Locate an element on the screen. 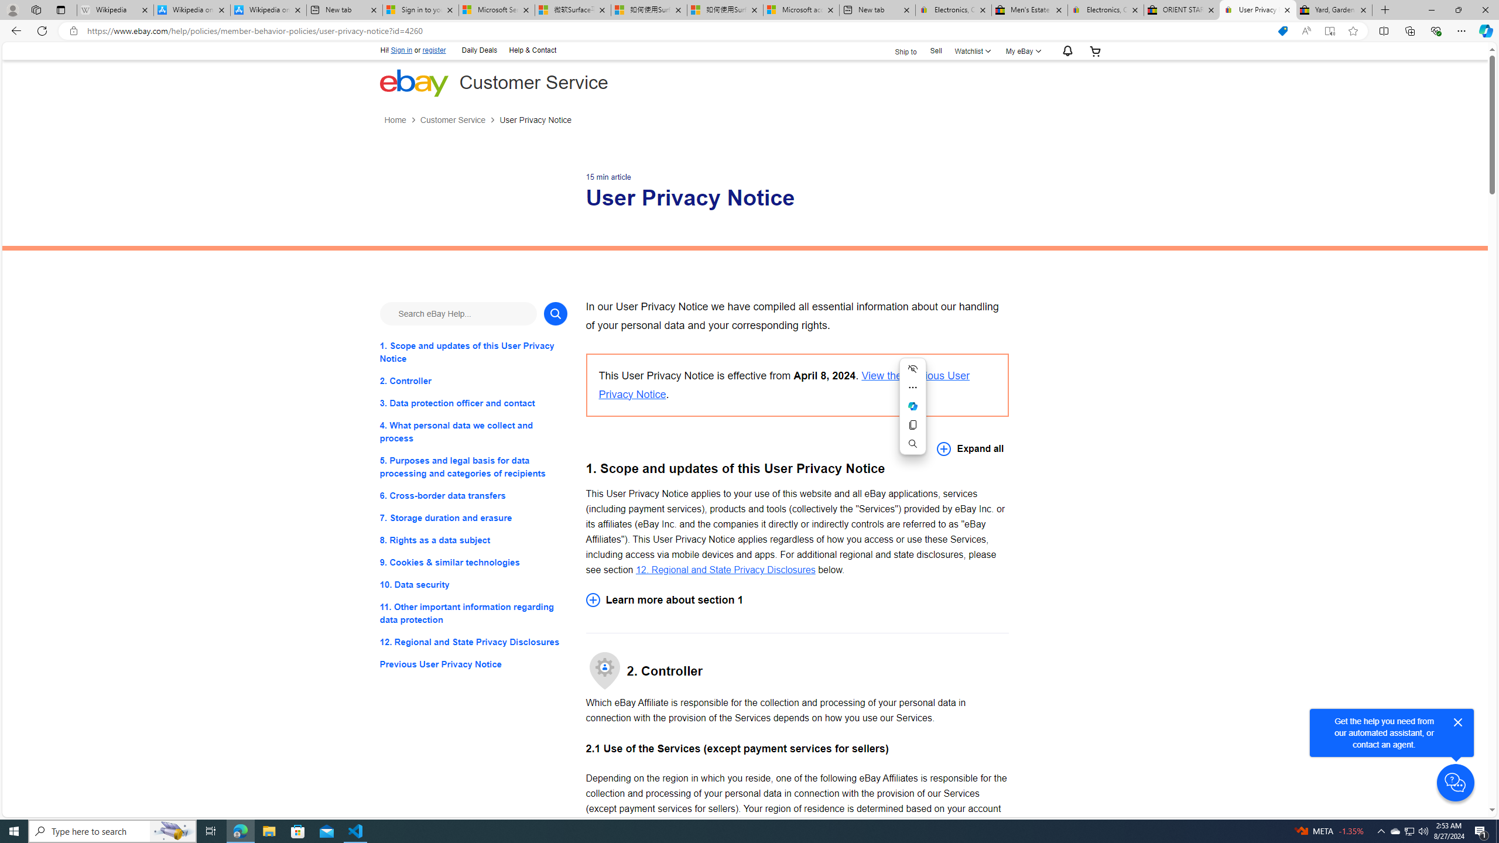 This screenshot has width=1499, height=843. '3. Data protection officer and contact' is located at coordinates (473, 403).